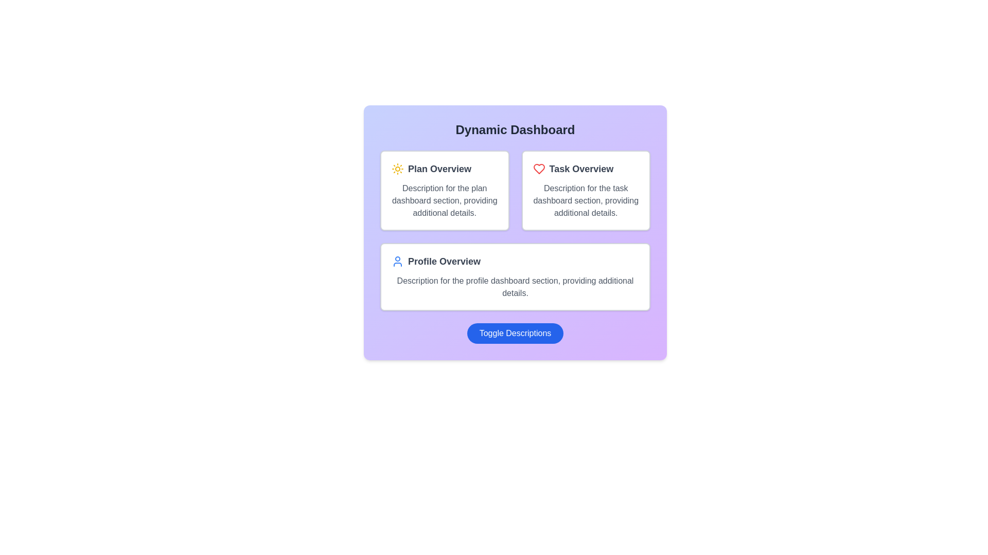 Image resolution: width=988 pixels, height=555 pixels. What do you see at coordinates (586, 190) in the screenshot?
I see `descriptive text from the Summary card located on the right side of the upper row in the dashboard interface, positioned between 'Plan Overview' and 'Profile Overview'` at bounding box center [586, 190].